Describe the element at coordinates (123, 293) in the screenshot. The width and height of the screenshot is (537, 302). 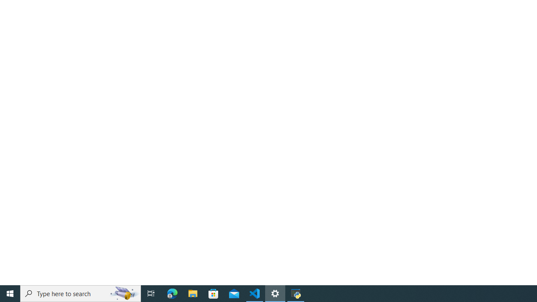
I see `'Search highlights icon opens search home window'` at that location.